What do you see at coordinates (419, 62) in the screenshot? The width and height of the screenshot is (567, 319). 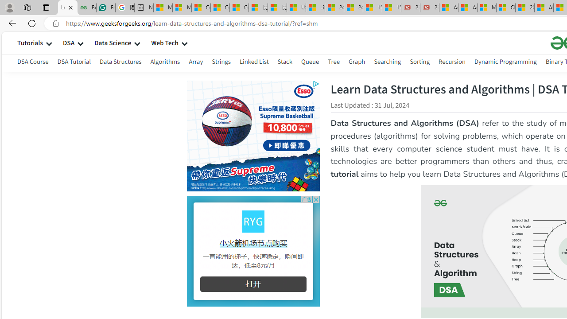 I see `'Sorting'` at bounding box center [419, 62].